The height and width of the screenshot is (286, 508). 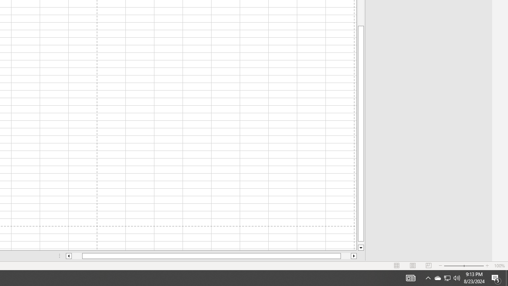 I want to click on 'Normal', so click(x=397, y=266).